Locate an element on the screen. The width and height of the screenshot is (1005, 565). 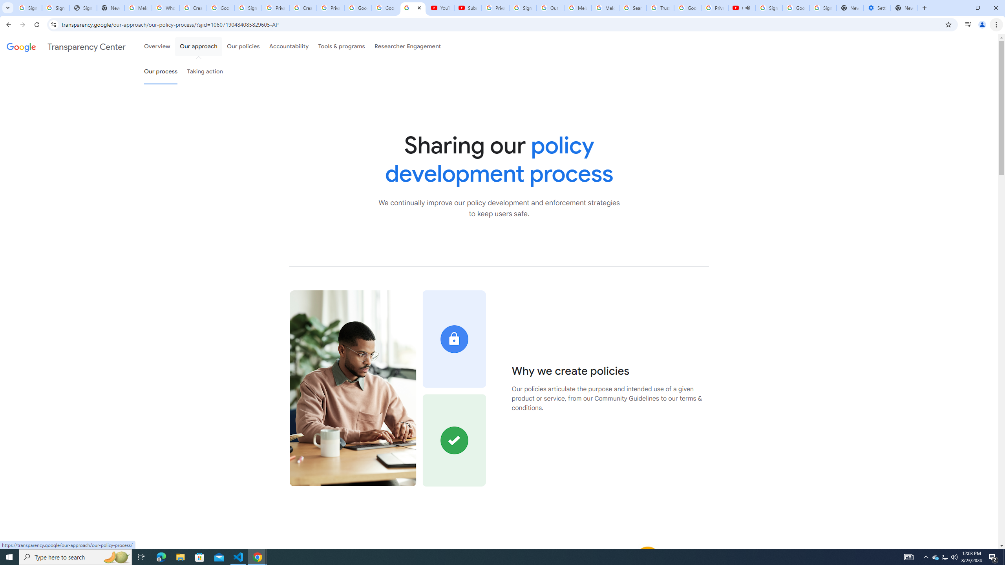
'Taking action' is located at coordinates (205, 71).